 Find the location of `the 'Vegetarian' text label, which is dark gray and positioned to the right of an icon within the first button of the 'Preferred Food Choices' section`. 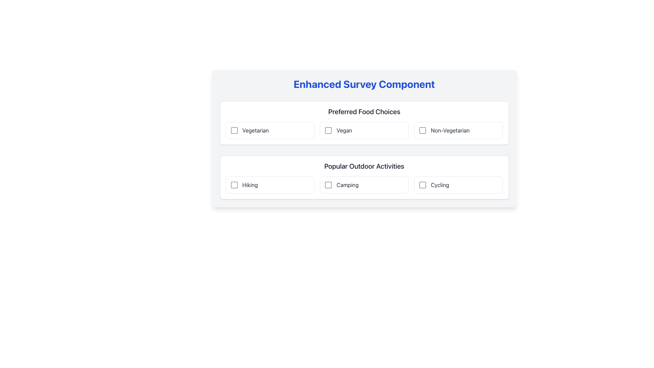

the 'Vegetarian' text label, which is dark gray and positioned to the right of an icon within the first button of the 'Preferred Food Choices' section is located at coordinates (255, 130).